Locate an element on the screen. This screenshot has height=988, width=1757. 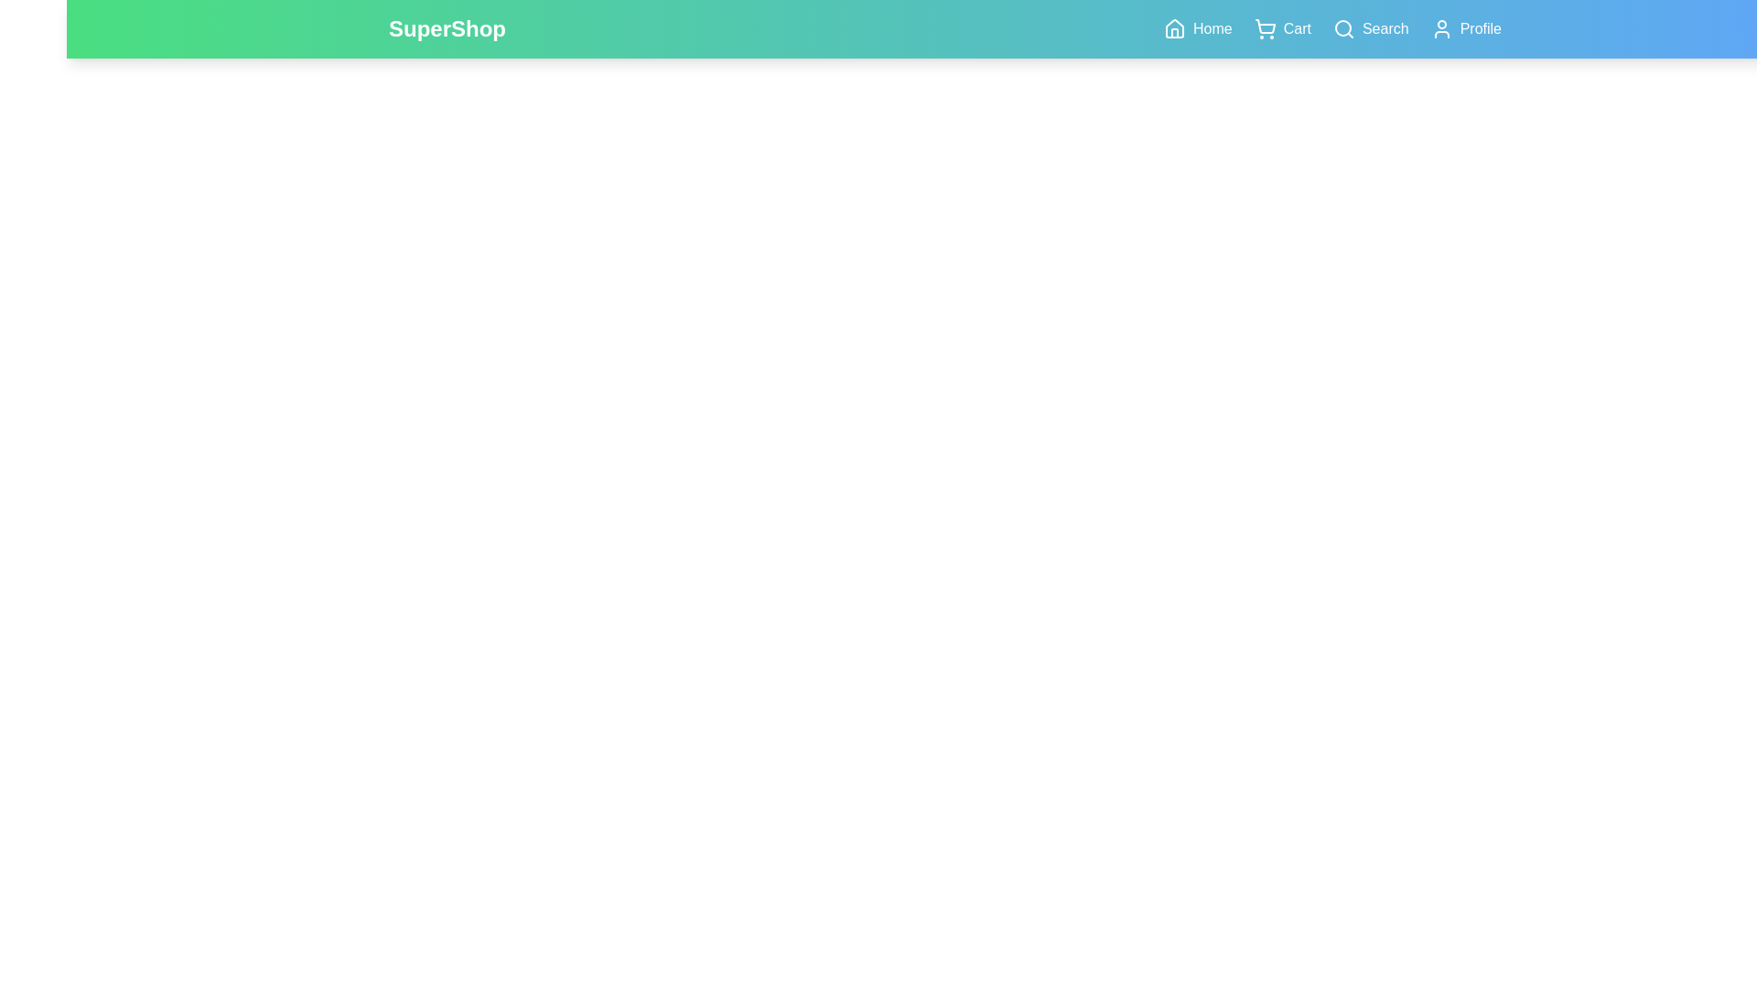
the search icon located to the left of the 'Search' label in the top navigation bar is located at coordinates (1343, 28).